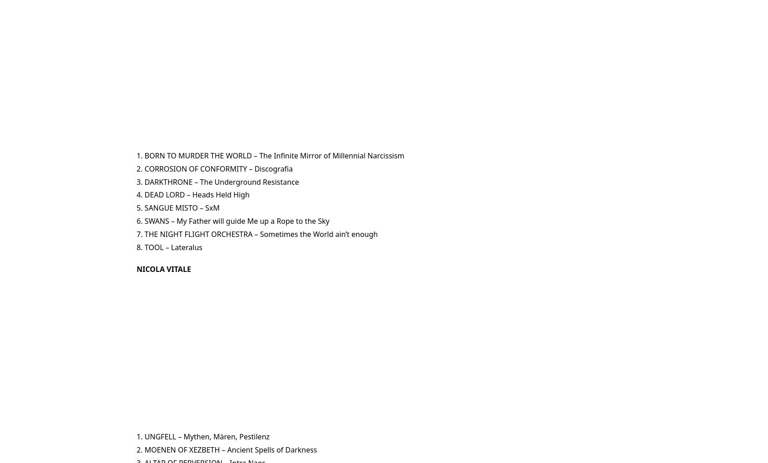 The height and width of the screenshot is (463, 768). Describe the element at coordinates (169, 246) in the screenshot. I see `'8. TOOL – Lateralus'` at that location.